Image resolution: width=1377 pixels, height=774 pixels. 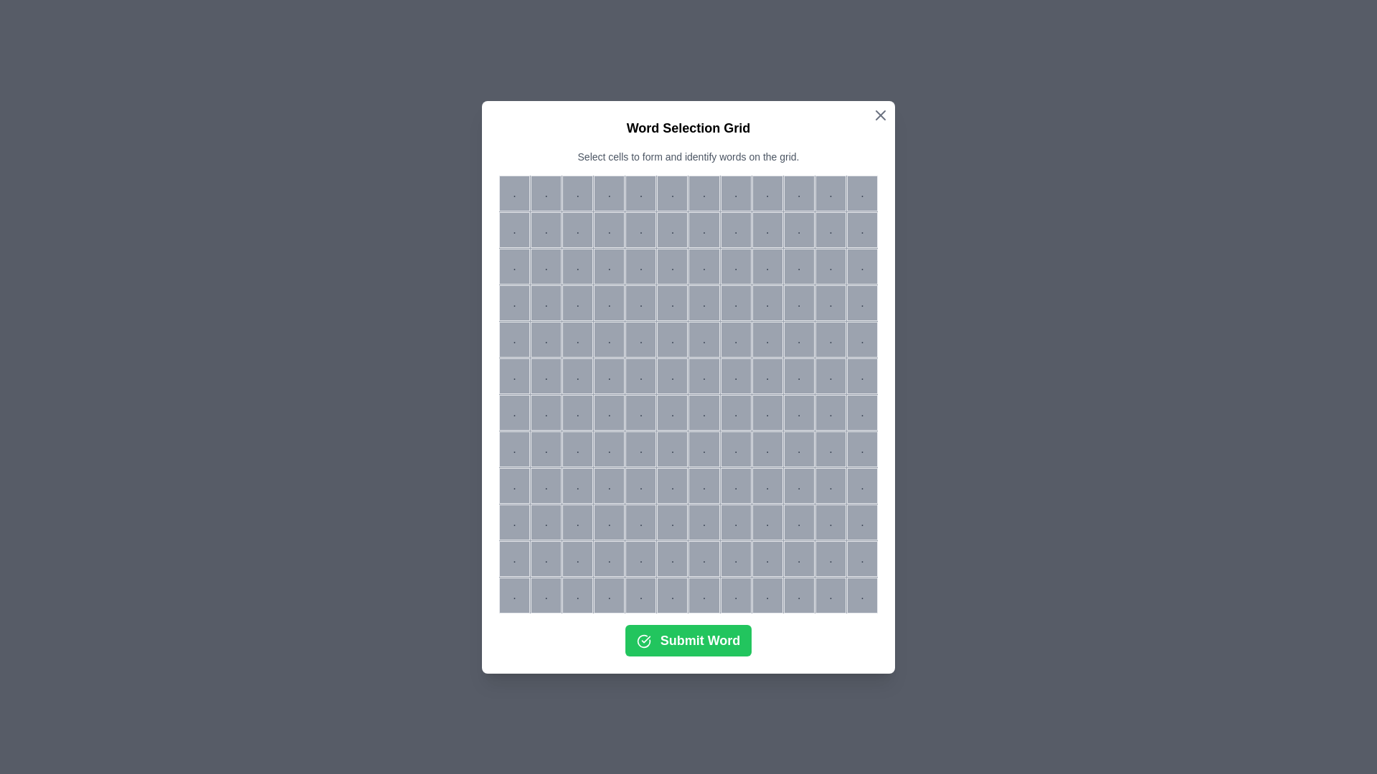 I want to click on the 'Submit Word' button to submit the selected cells as a word, so click(x=688, y=639).